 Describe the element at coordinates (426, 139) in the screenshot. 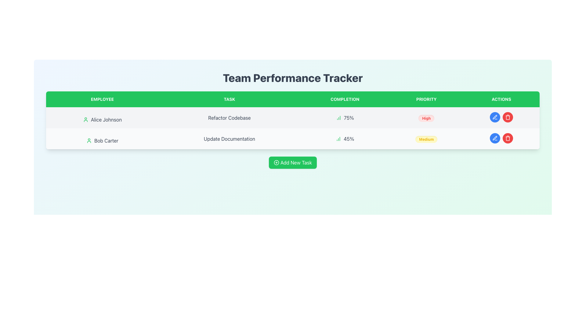

I see `the Badge indicating the medium priority level for the task assigned to Bob Carter in the Team Performance Tracker` at that location.